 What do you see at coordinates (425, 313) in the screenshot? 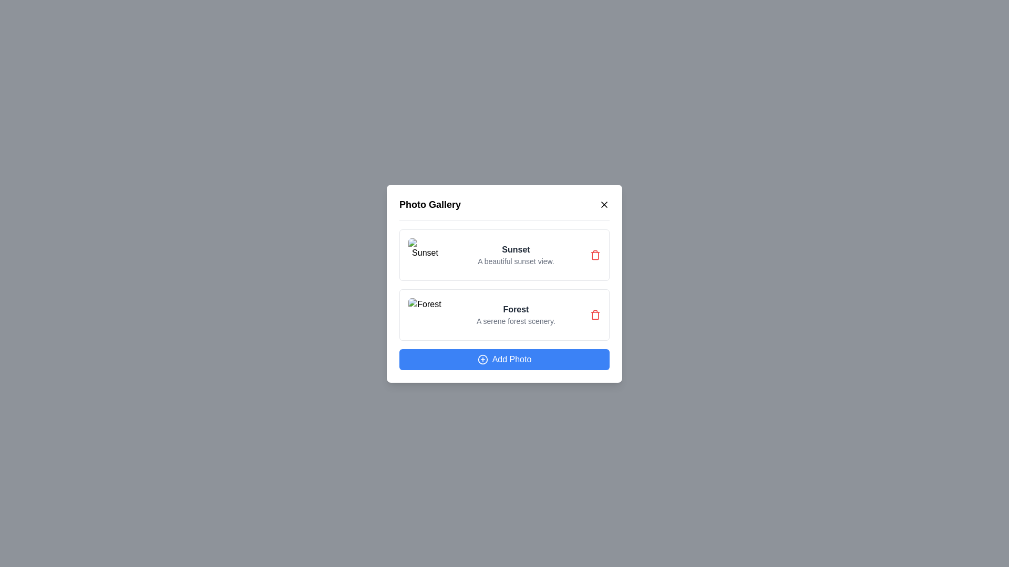
I see `the square thumbnail image with a rounded border representing a forest setting` at bounding box center [425, 313].